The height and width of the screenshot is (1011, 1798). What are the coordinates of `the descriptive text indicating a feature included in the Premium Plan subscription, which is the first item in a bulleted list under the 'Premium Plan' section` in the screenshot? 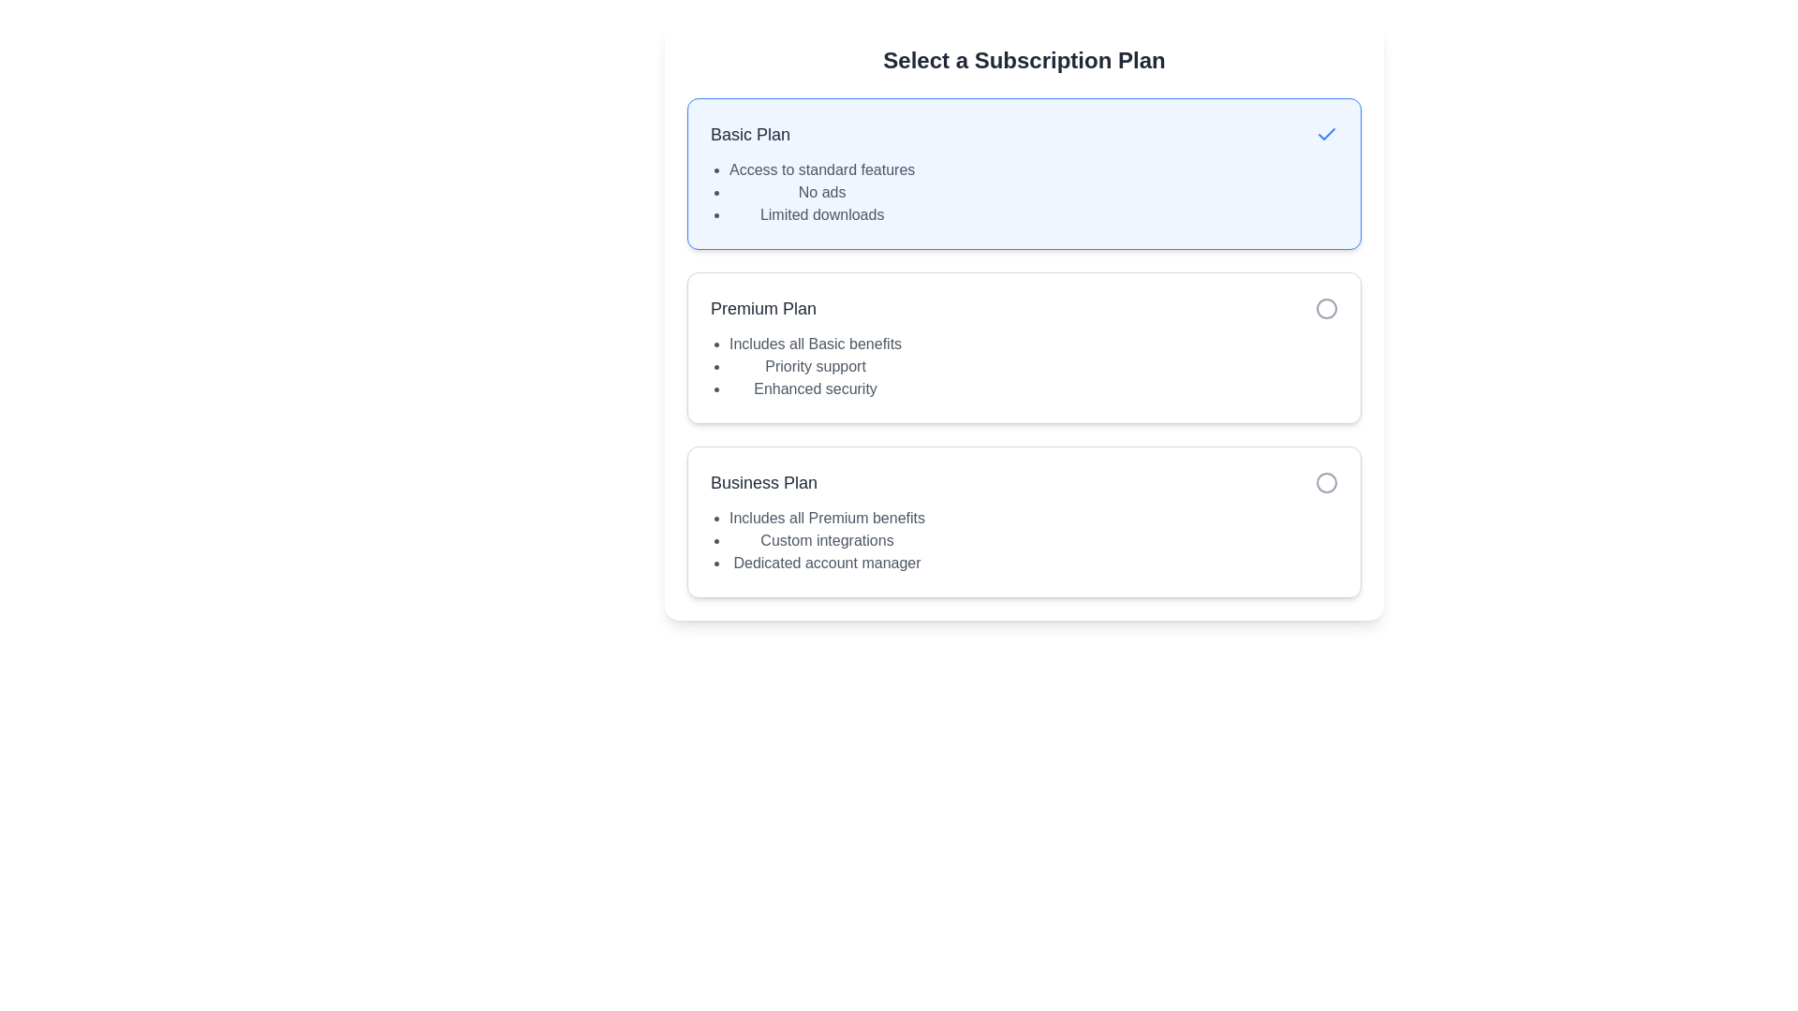 It's located at (816, 344).